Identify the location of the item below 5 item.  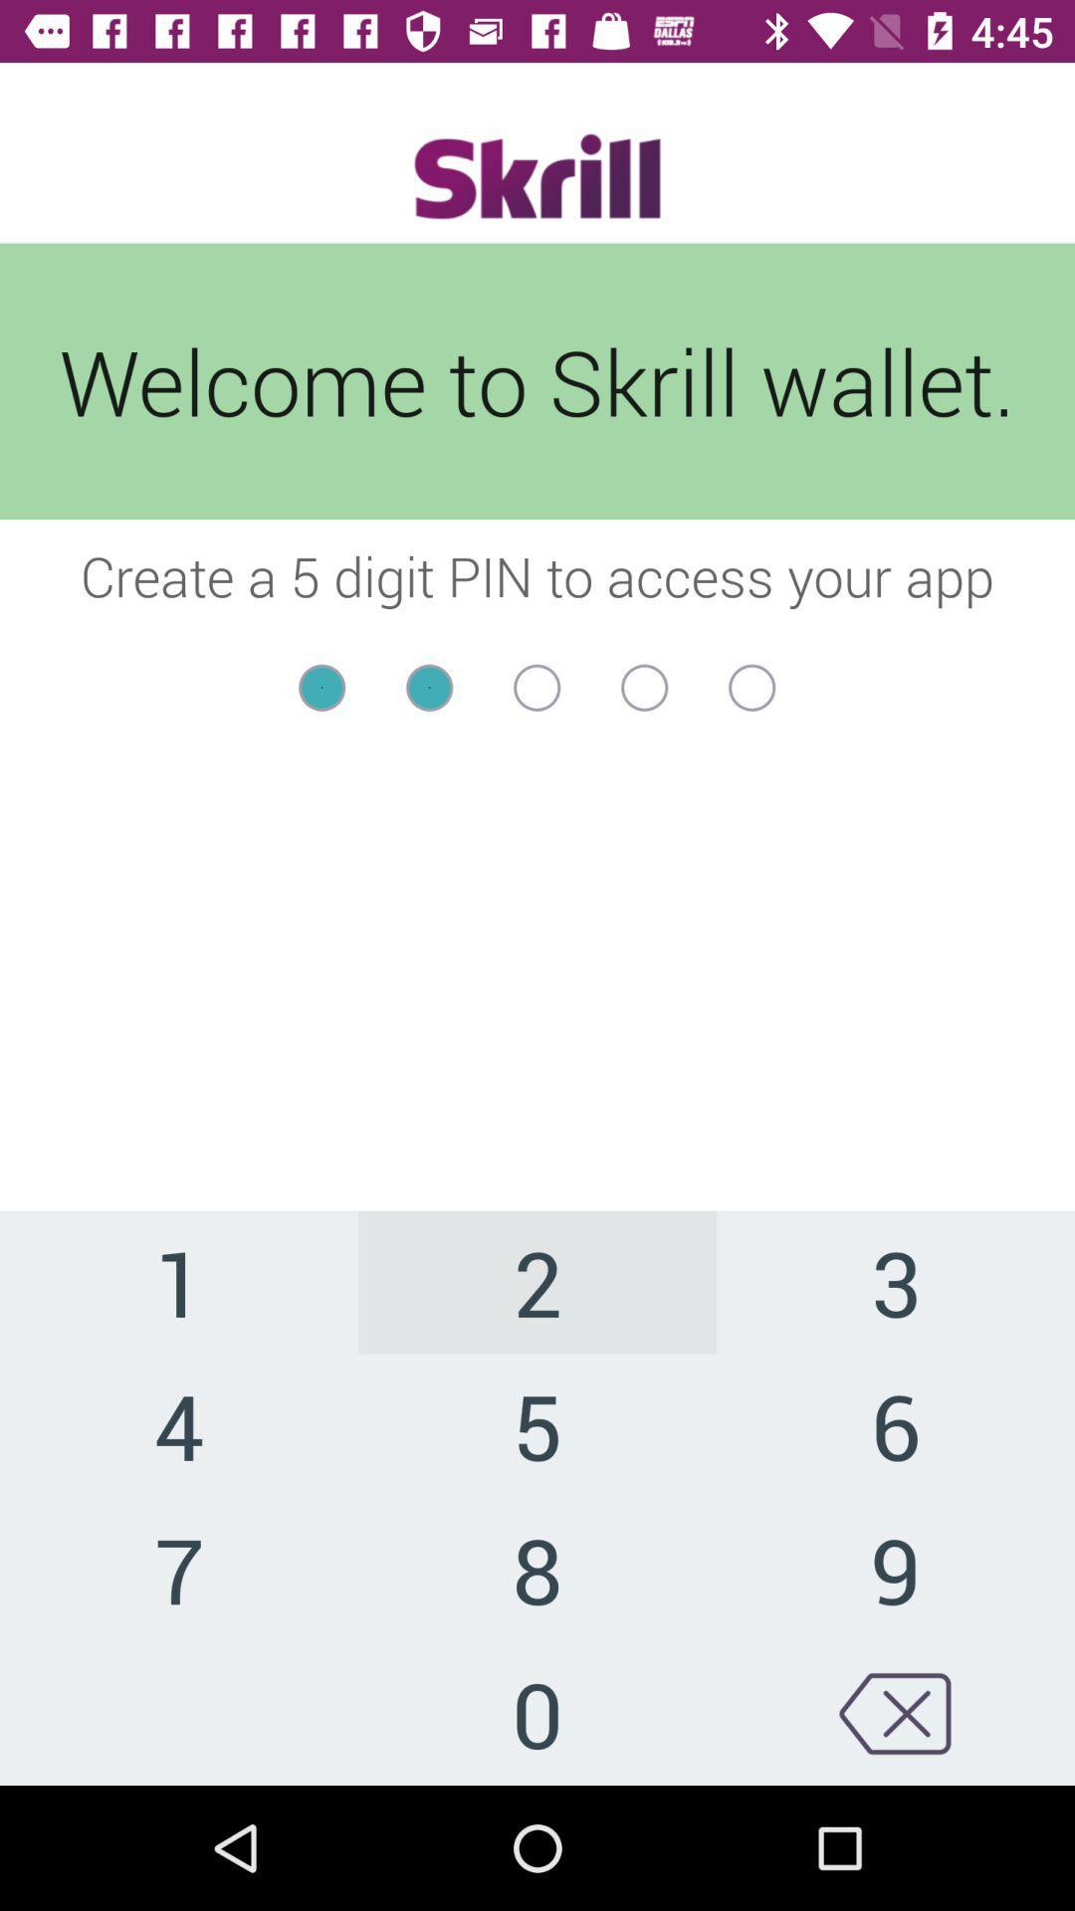
(894, 1568).